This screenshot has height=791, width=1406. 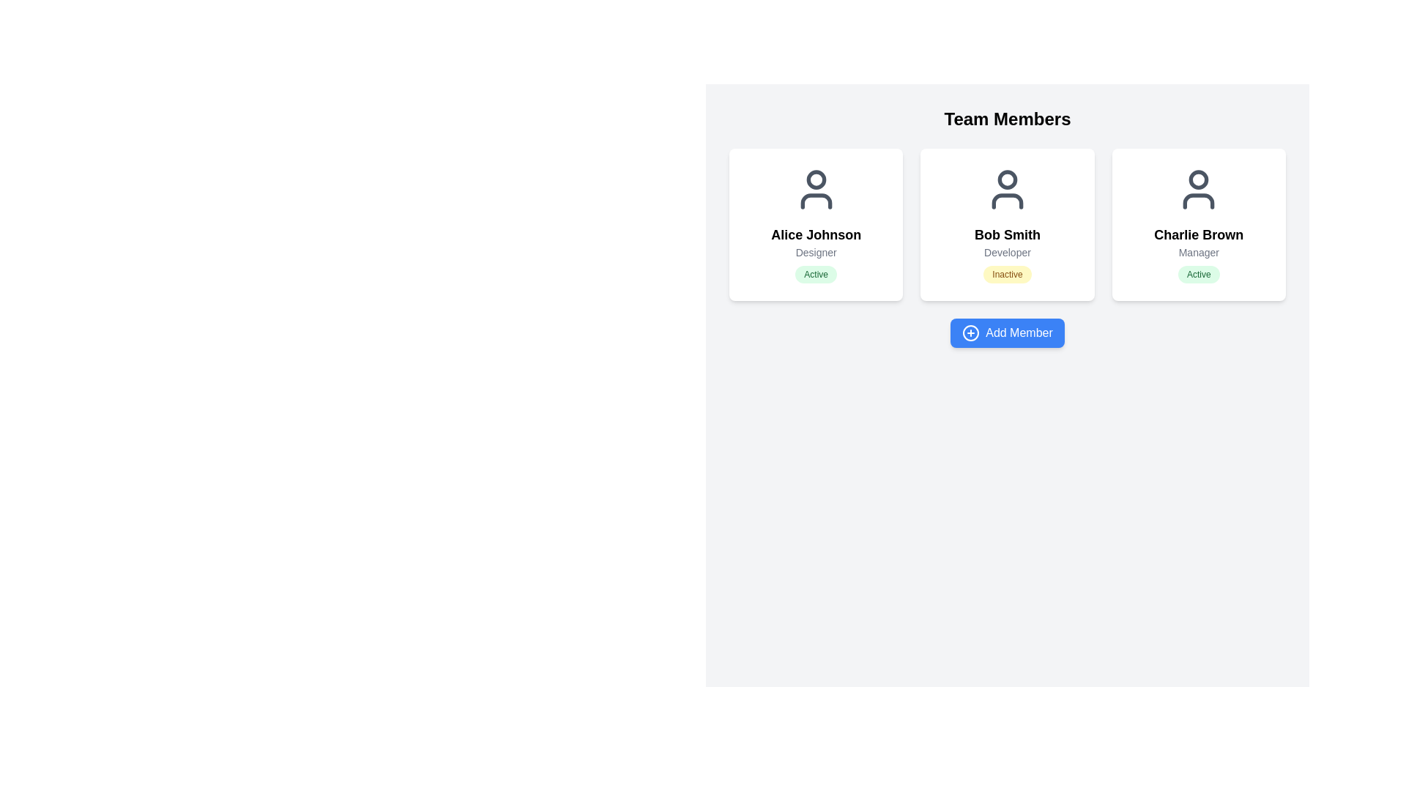 I want to click on the SVG circle that represents the 'Add Member' button, which is located below the three member cards on the right side of the interface, so click(x=971, y=333).